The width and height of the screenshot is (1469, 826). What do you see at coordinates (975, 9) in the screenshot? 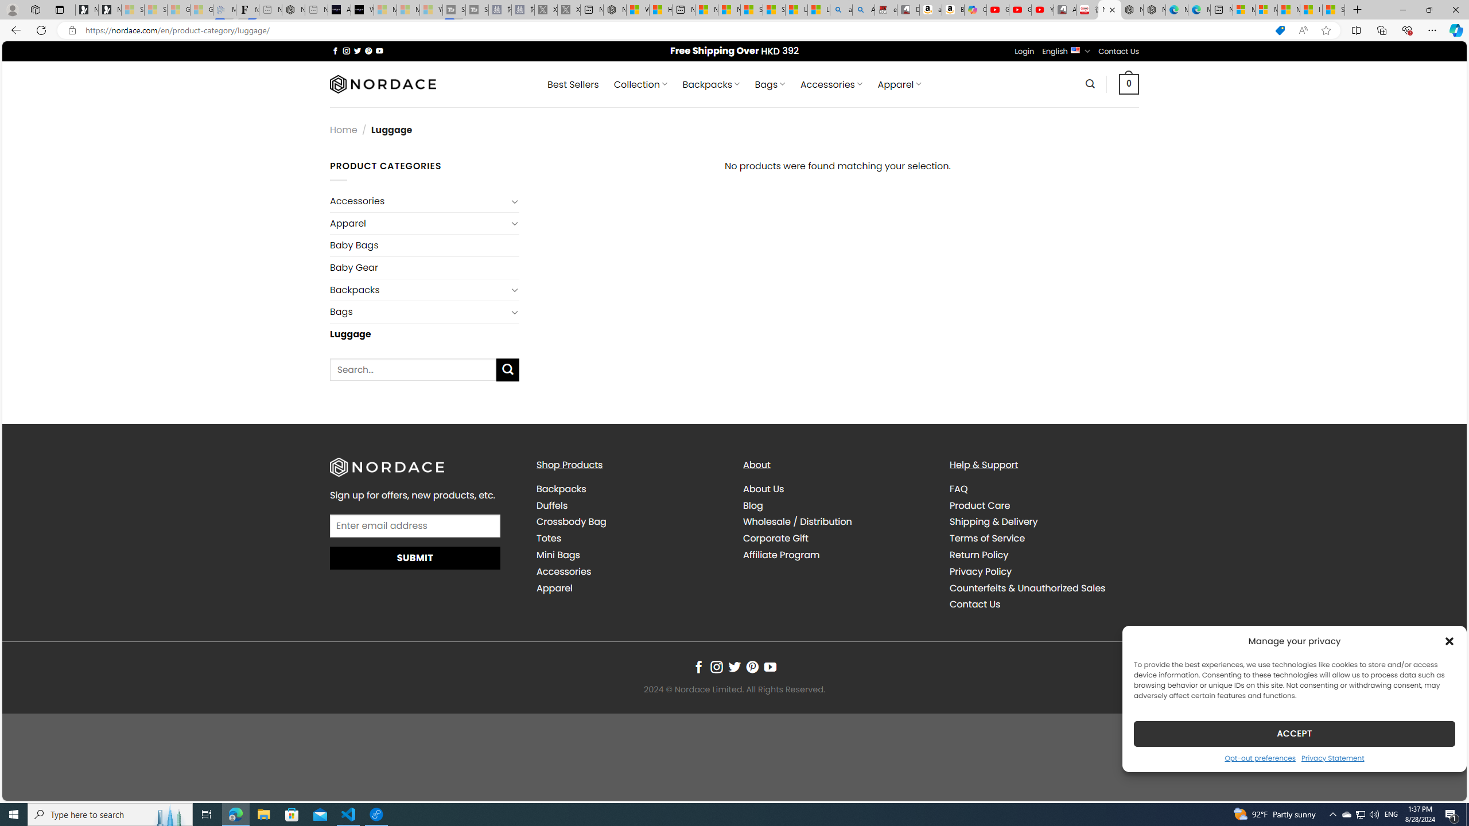
I see `'Copilot'` at bounding box center [975, 9].